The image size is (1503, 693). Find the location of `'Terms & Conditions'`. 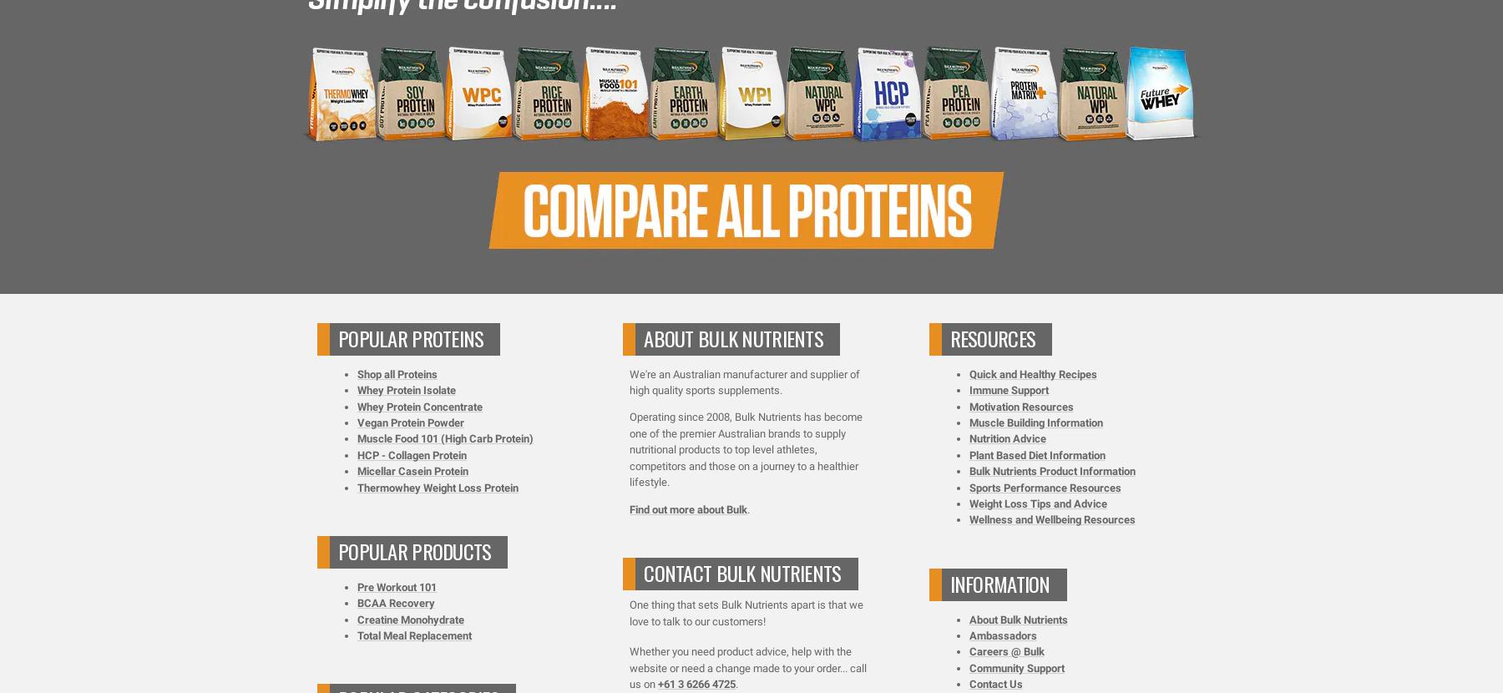

'Terms & Conditions' is located at coordinates (504, 252).